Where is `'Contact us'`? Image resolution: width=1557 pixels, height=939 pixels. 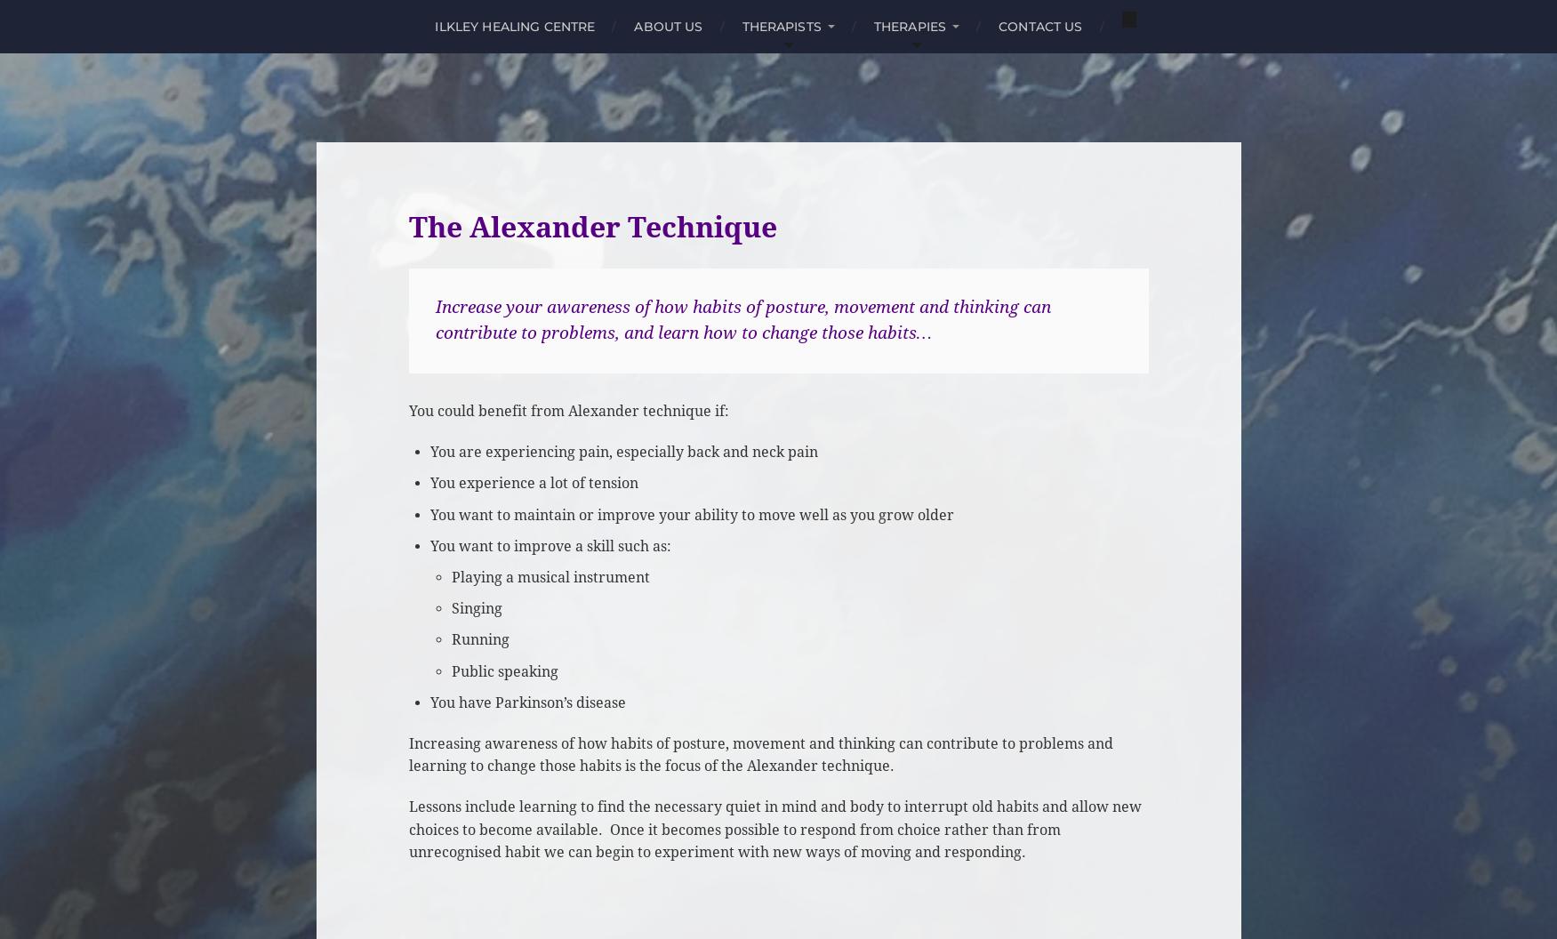
'Contact us' is located at coordinates (1039, 26).